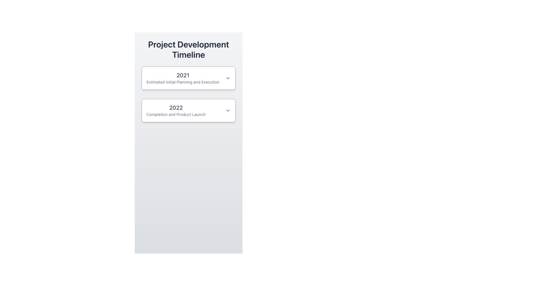  What do you see at coordinates (189, 111) in the screenshot?
I see `the down arrow of the collapsible section for the year 2022` at bounding box center [189, 111].